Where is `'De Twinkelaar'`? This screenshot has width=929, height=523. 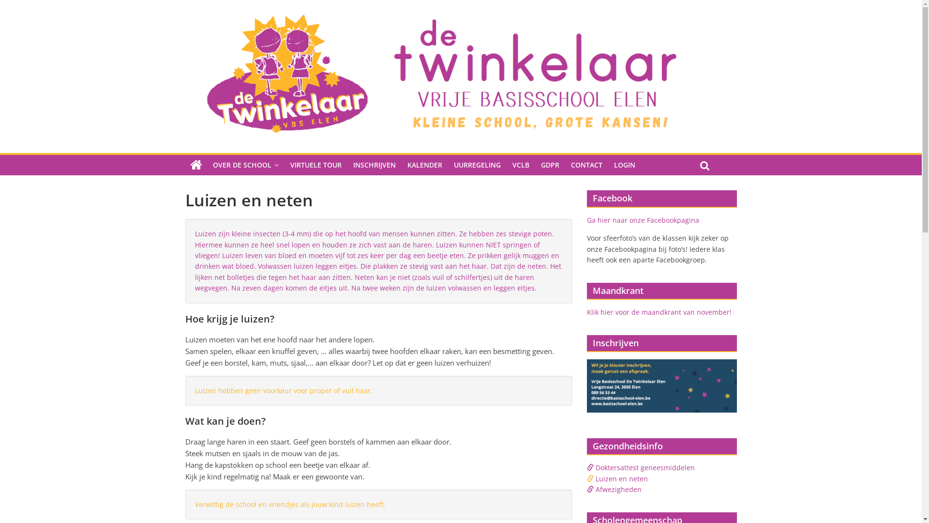 'De Twinkelaar' is located at coordinates (195, 164).